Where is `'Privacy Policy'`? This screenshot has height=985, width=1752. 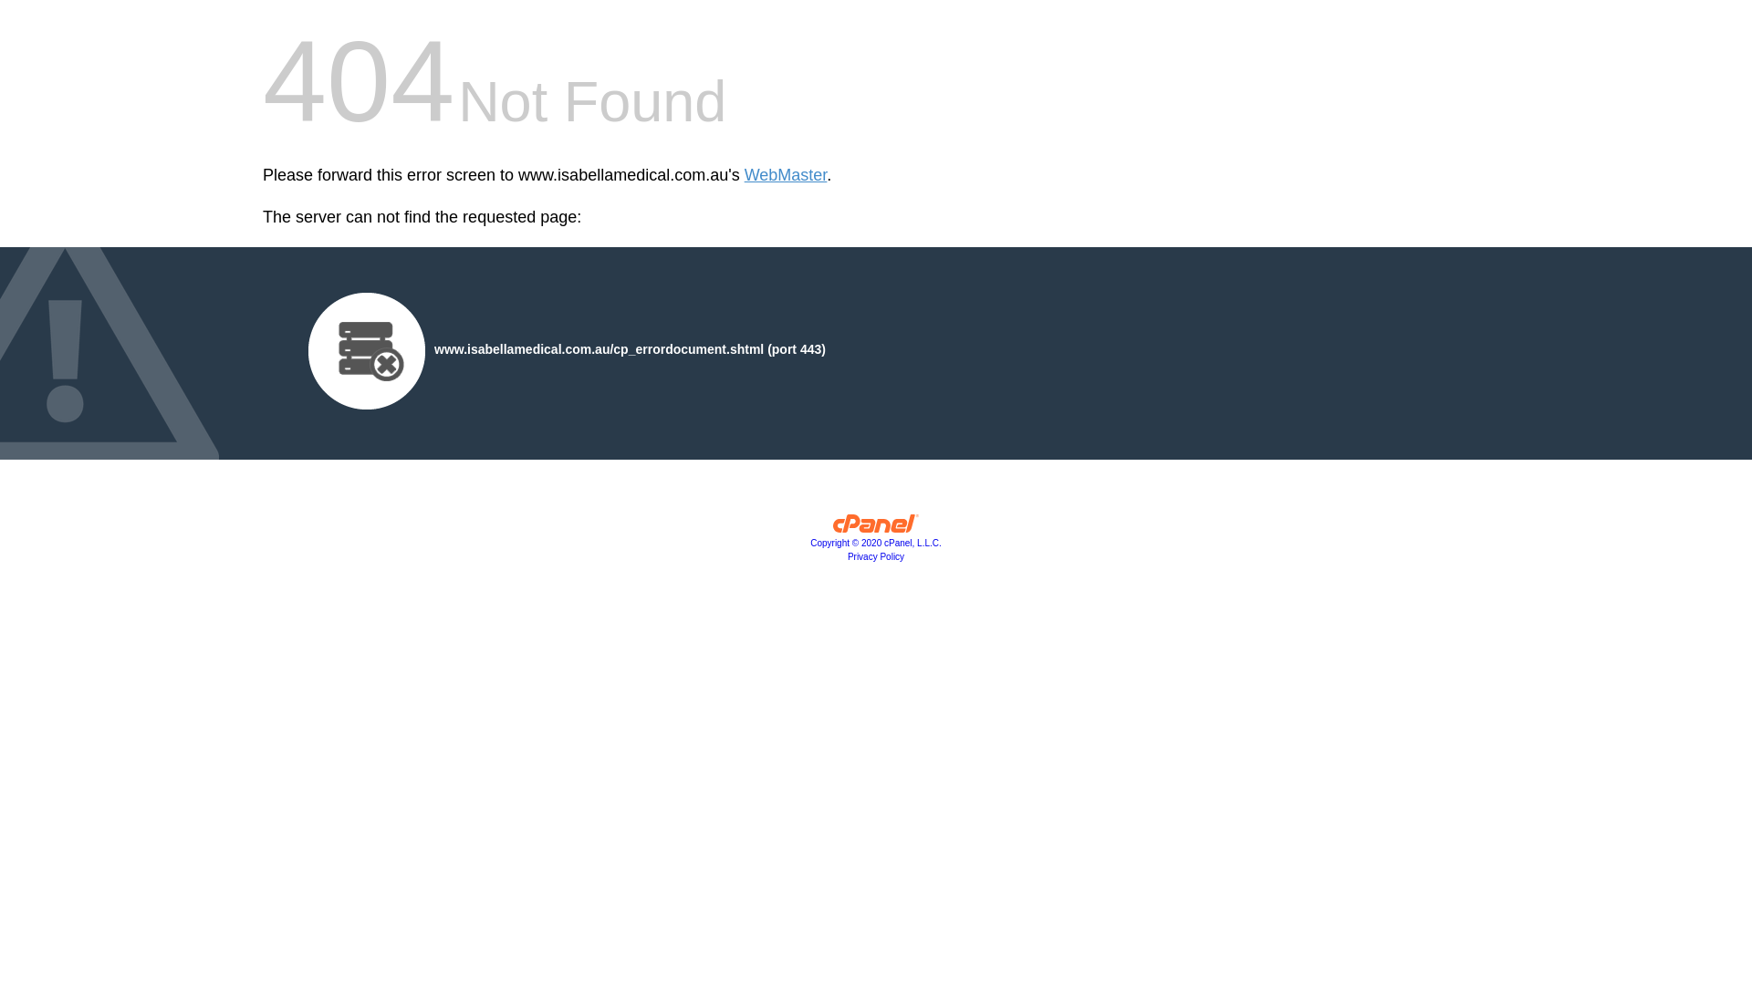
'Privacy Policy' is located at coordinates (876, 555).